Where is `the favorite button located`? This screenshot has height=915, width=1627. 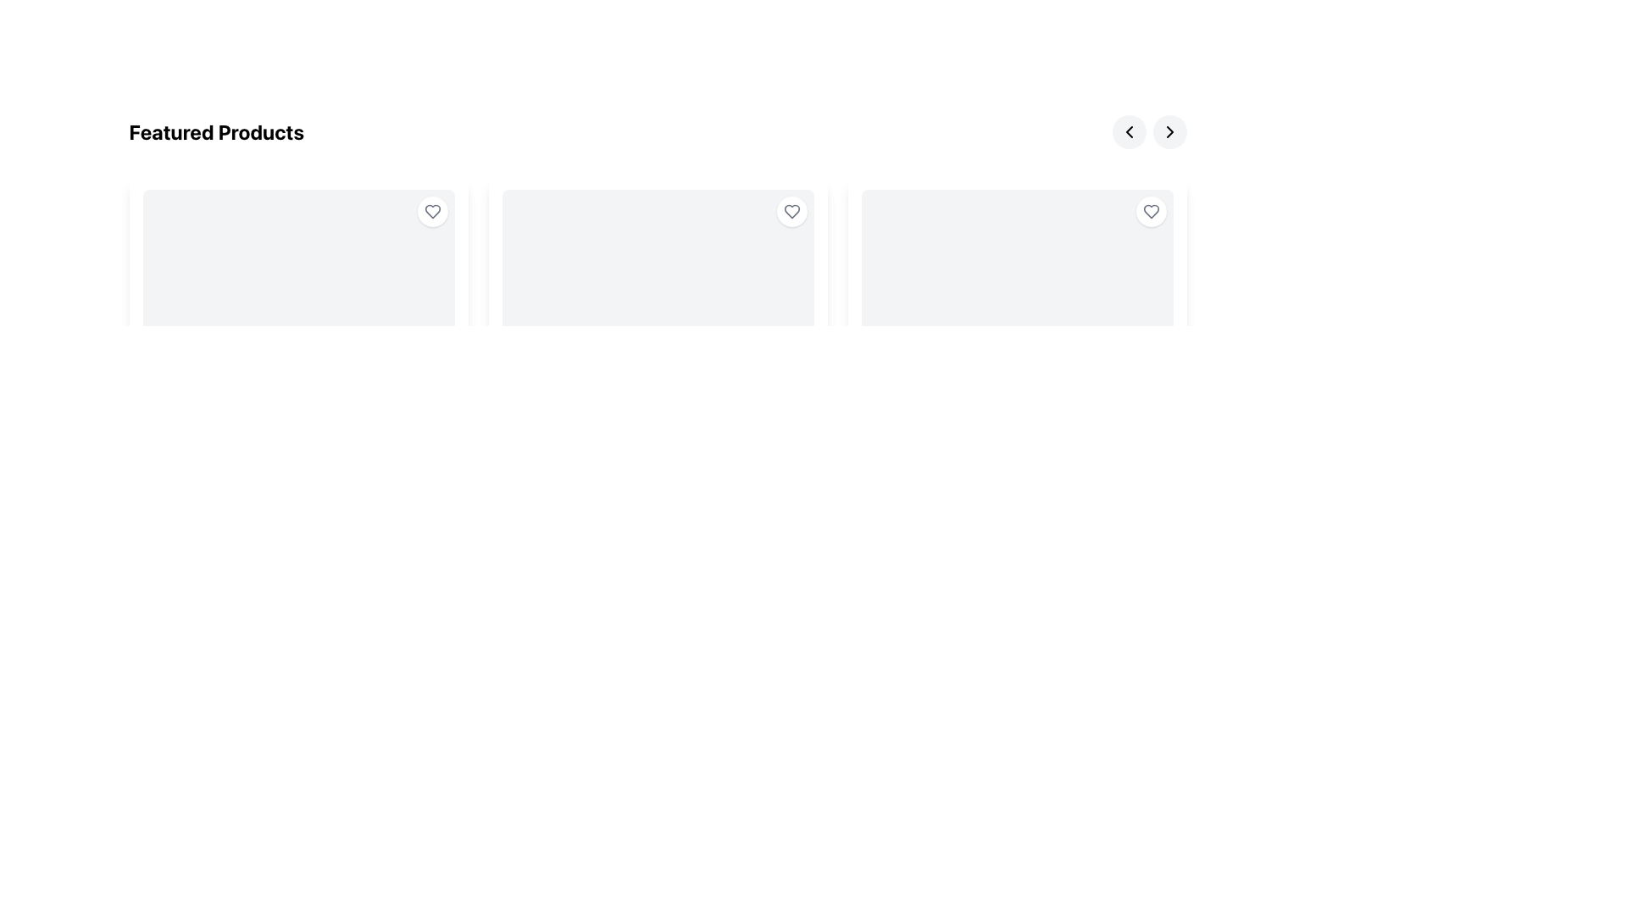 the favorite button located is located at coordinates (1151, 211).